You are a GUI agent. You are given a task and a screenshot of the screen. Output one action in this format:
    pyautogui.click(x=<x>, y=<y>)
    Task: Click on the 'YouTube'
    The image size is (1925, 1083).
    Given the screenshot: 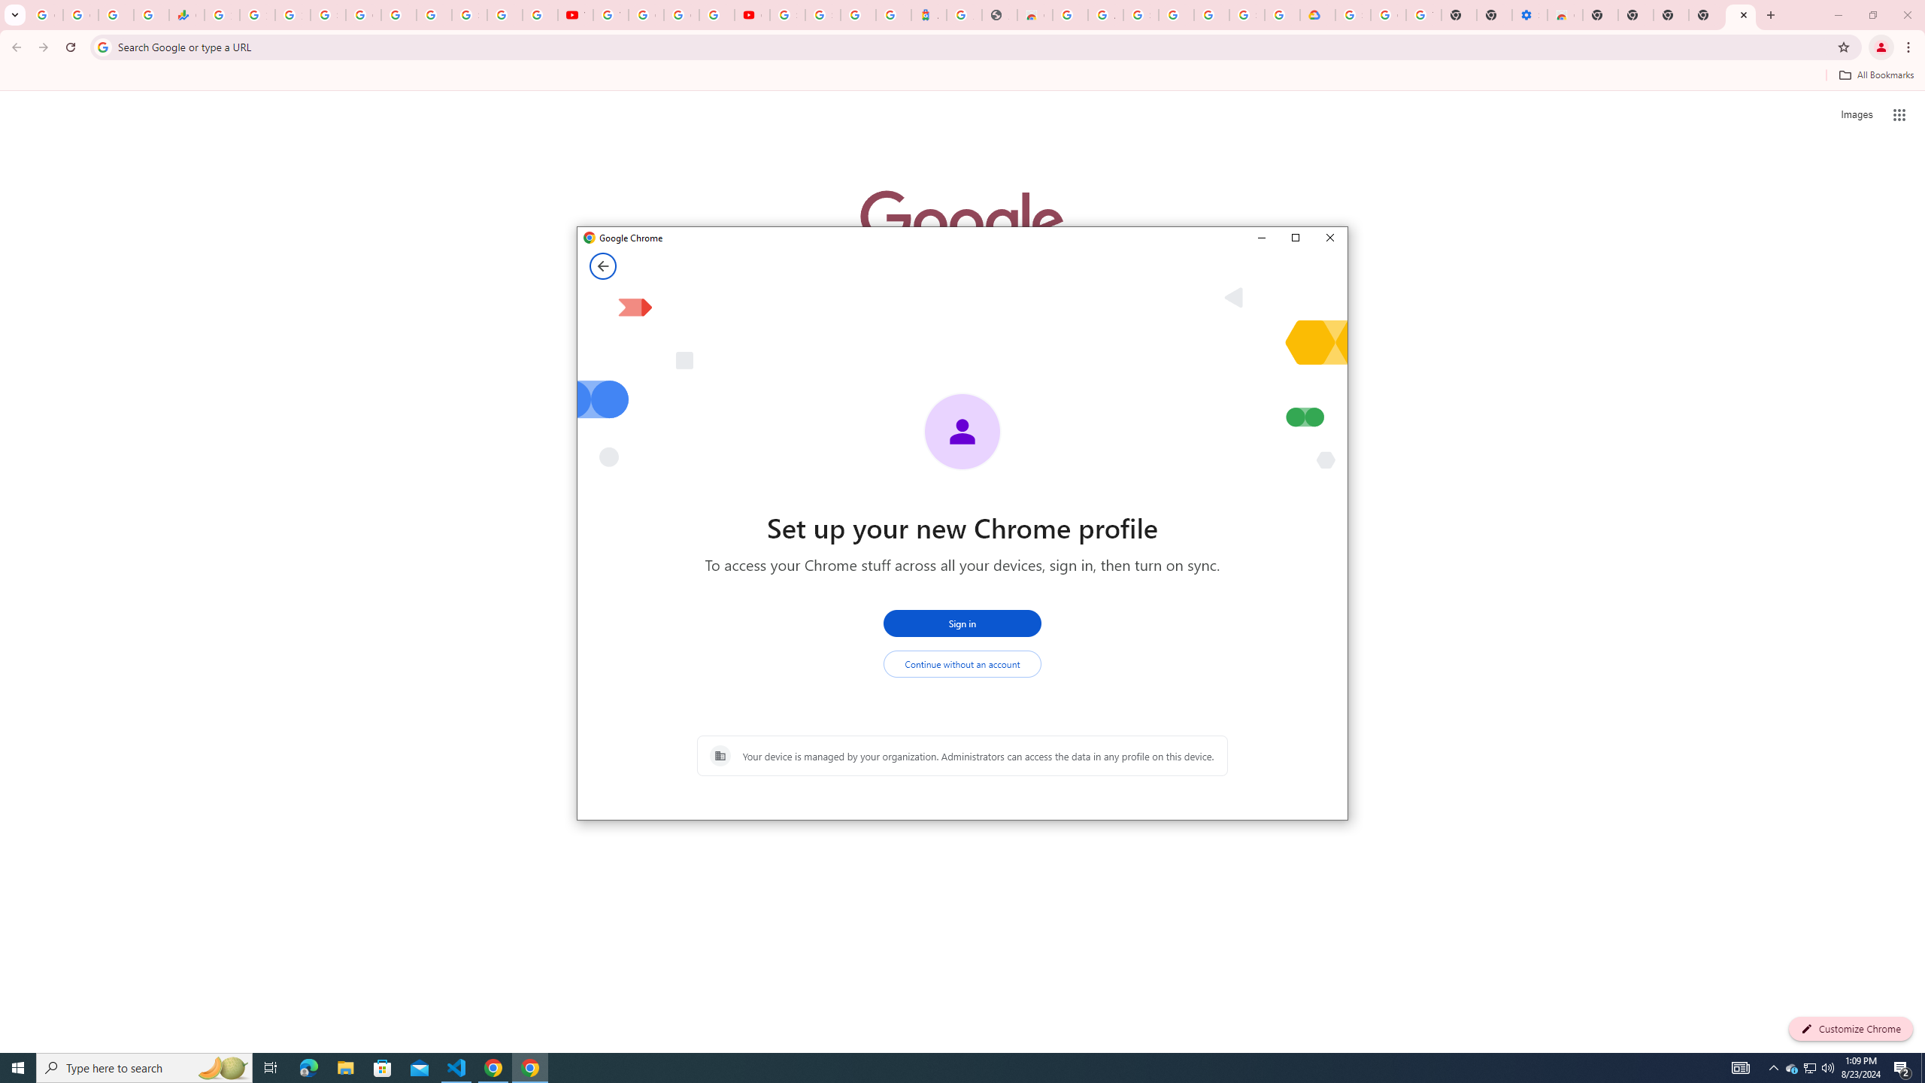 What is the action you would take?
    pyautogui.click(x=610, y=14)
    